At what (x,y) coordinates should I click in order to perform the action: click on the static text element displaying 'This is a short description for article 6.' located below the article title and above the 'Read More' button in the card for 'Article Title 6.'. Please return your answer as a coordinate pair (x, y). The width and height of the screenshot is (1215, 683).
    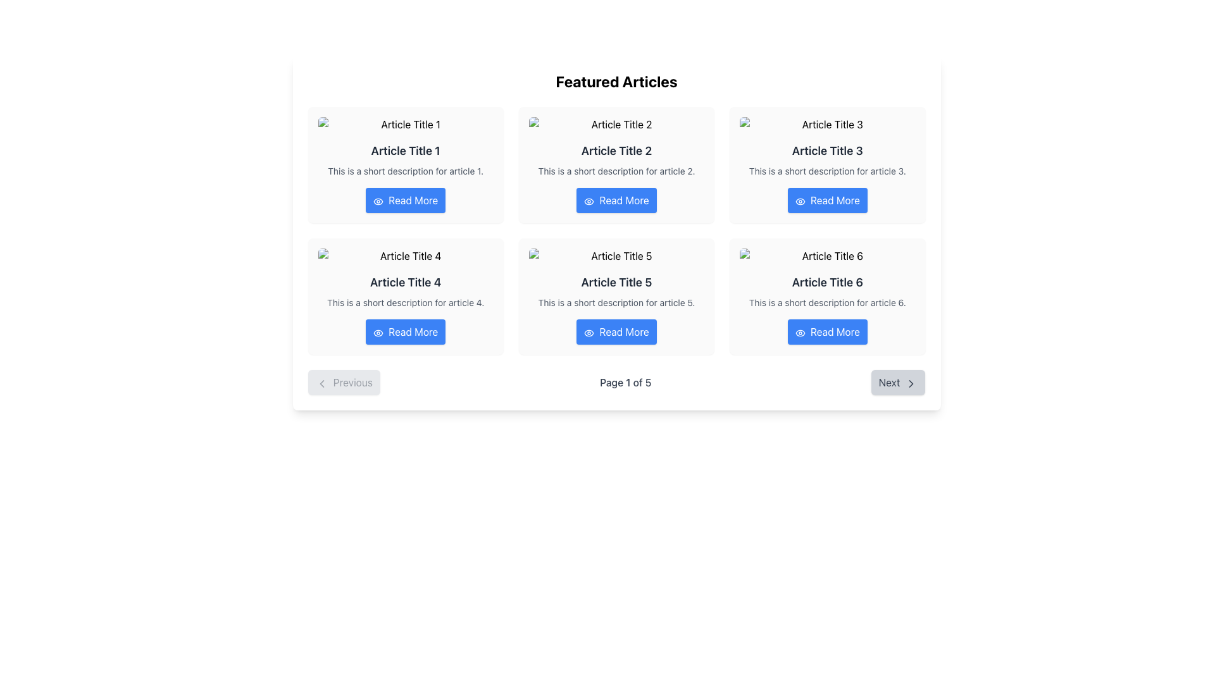
    Looking at the image, I should click on (827, 302).